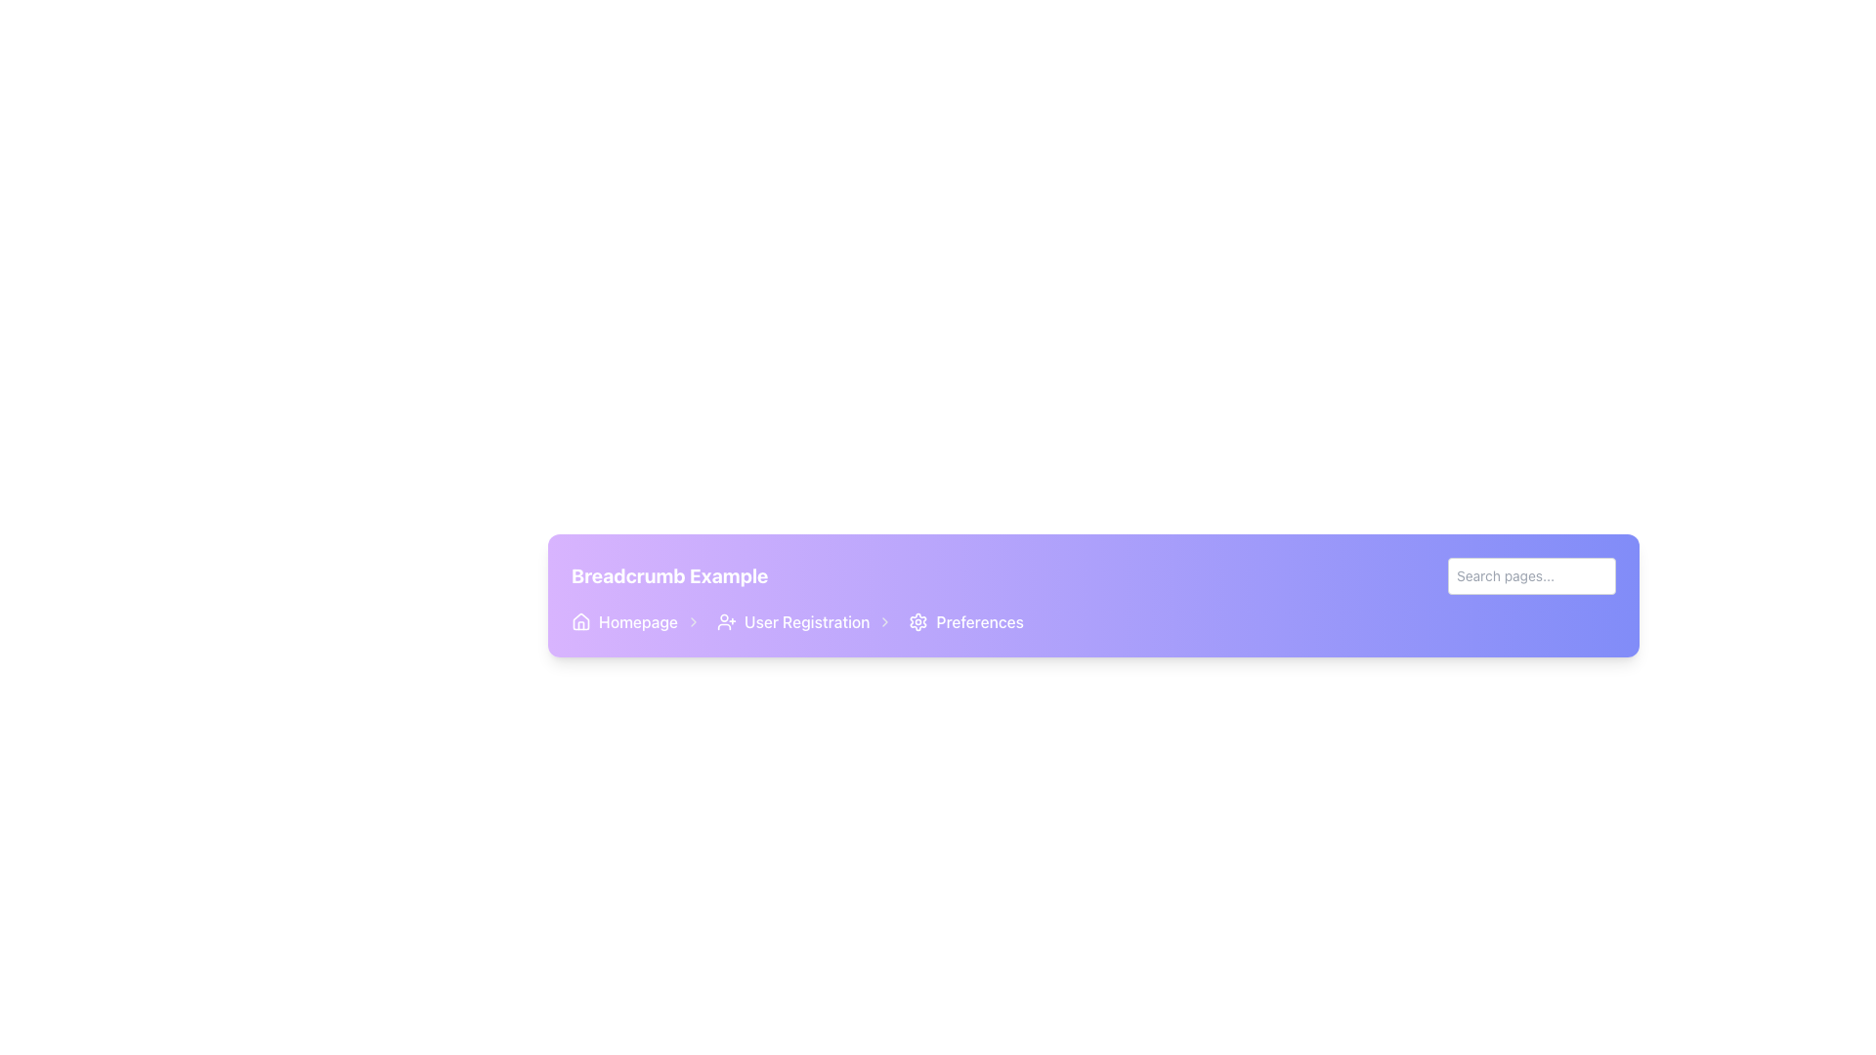 The image size is (1876, 1055). I want to click on the Breadcrumb Link located on the leftmost side of the breadcrumb navigation bar, so click(636, 621).